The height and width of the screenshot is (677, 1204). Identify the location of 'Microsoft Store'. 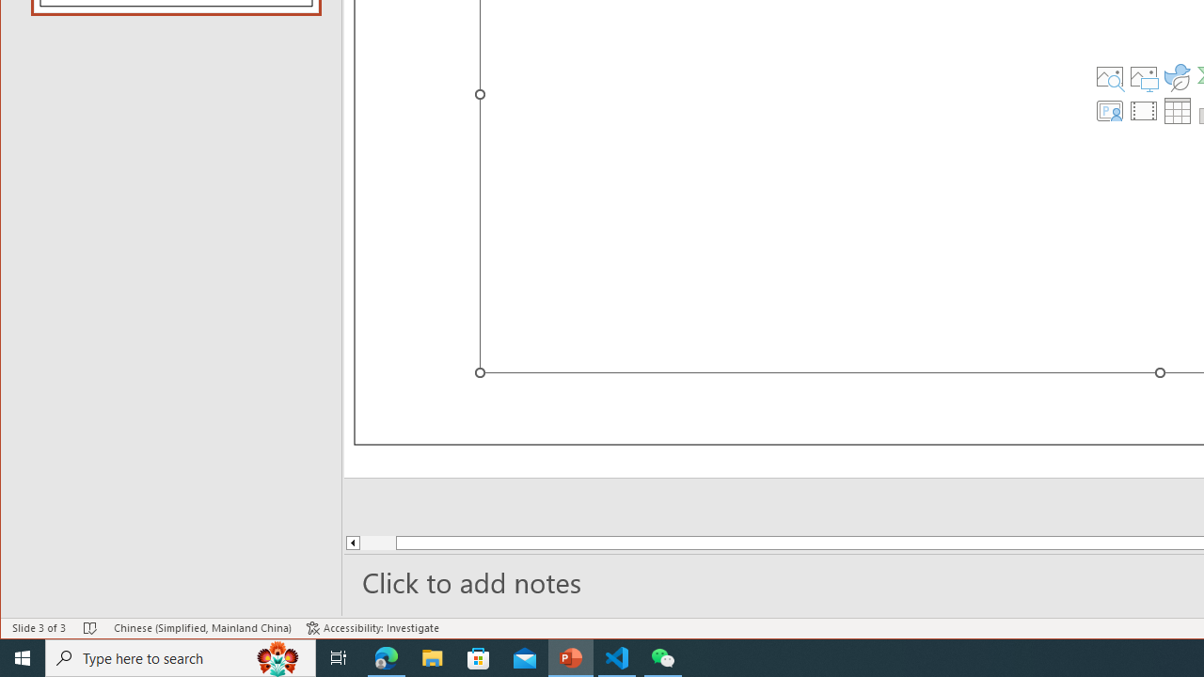
(479, 656).